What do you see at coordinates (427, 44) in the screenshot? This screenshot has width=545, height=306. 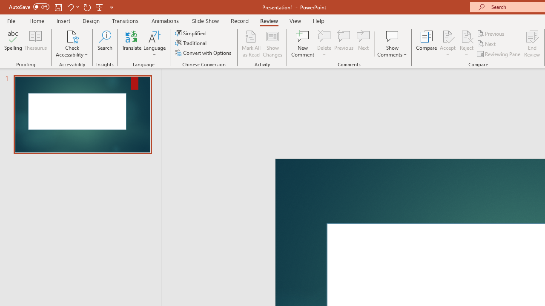 I see `'Compare'` at bounding box center [427, 44].